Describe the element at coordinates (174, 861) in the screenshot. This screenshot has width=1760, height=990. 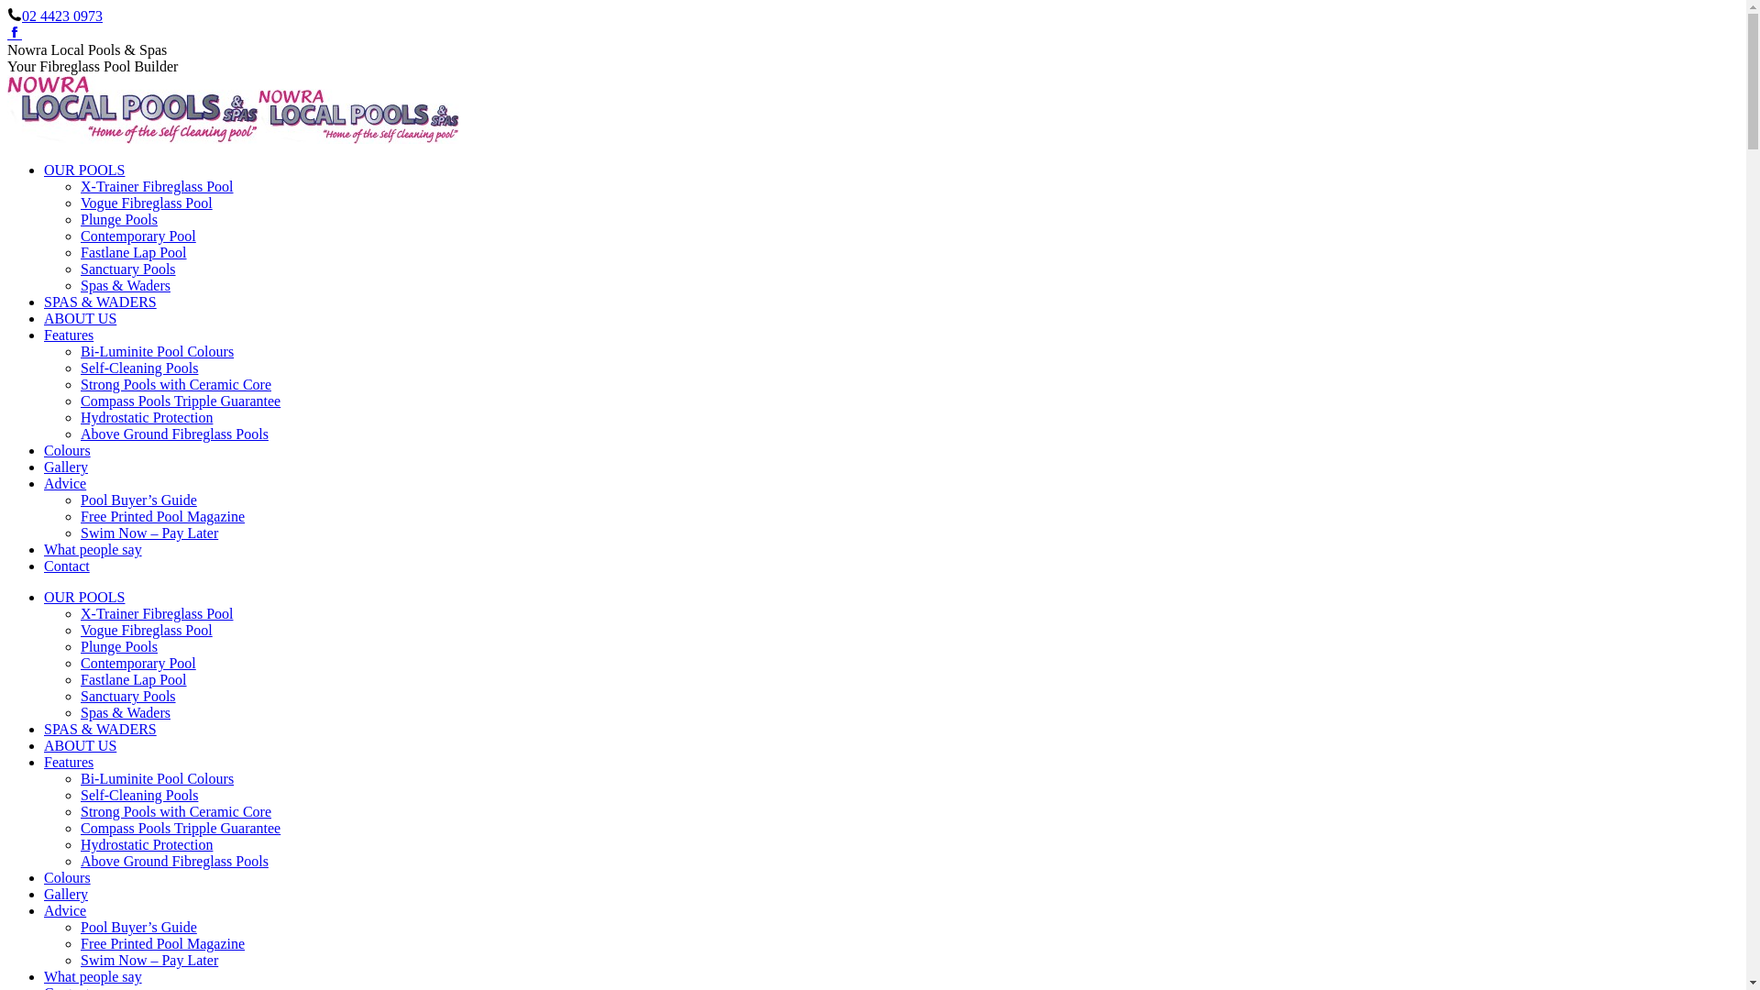
I see `'Above Ground Fibreglass Pools'` at that location.